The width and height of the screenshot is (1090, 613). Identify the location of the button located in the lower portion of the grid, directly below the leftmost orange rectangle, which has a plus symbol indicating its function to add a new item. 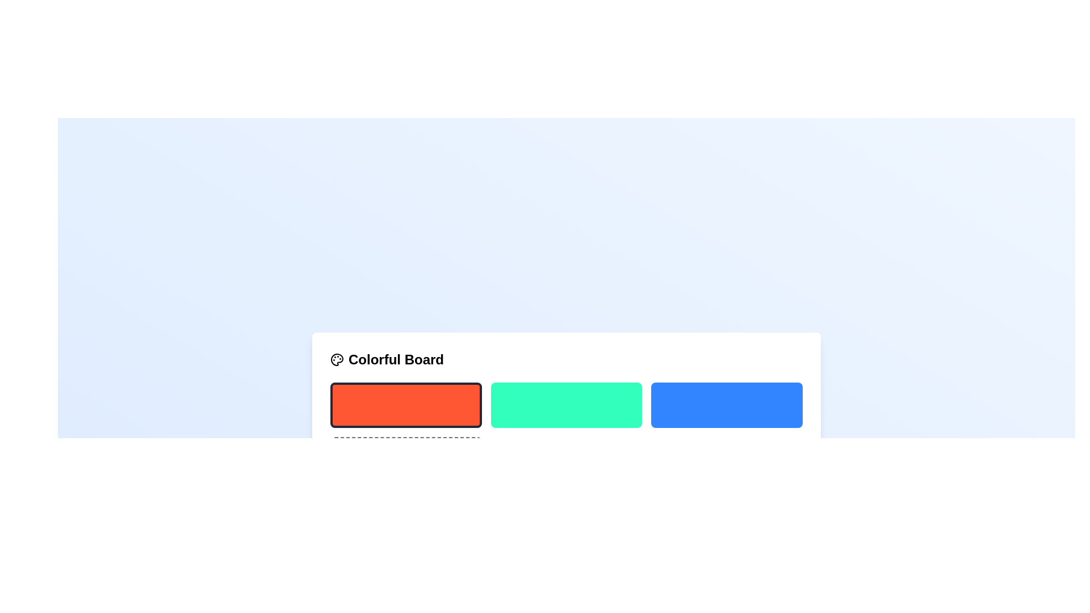
(406, 453).